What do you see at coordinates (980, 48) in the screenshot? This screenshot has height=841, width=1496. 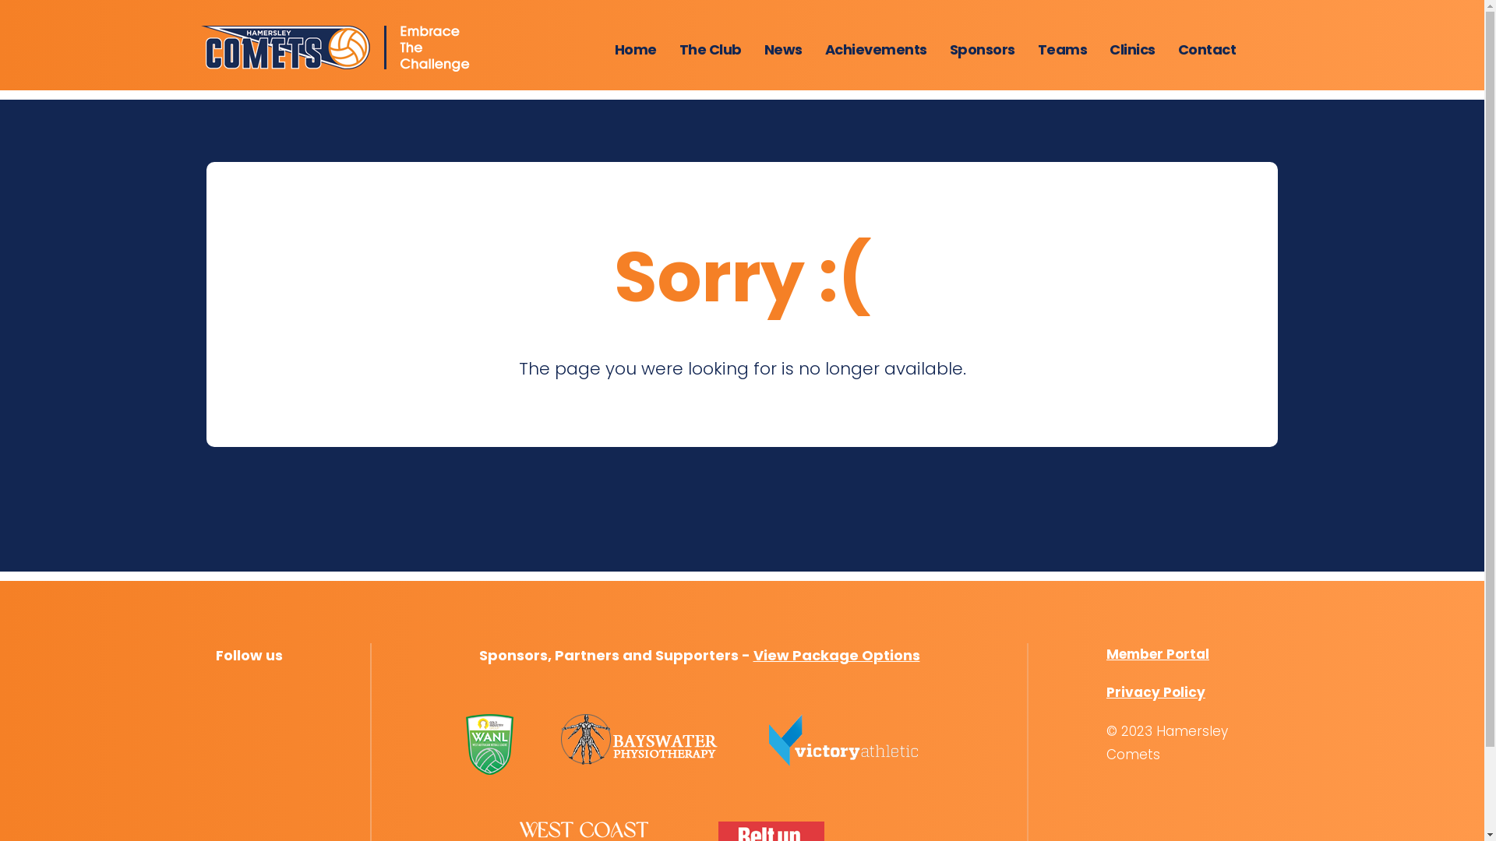 I see `'Sponsors'` at bounding box center [980, 48].